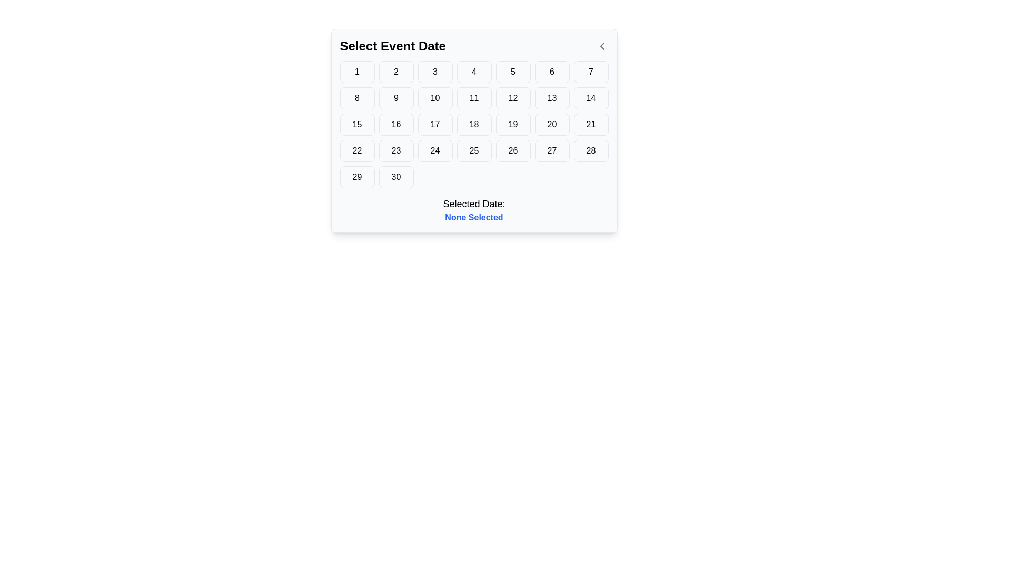 Image resolution: width=1011 pixels, height=568 pixels. I want to click on the specific day button on the Calendar Date Selector, so click(473, 130).